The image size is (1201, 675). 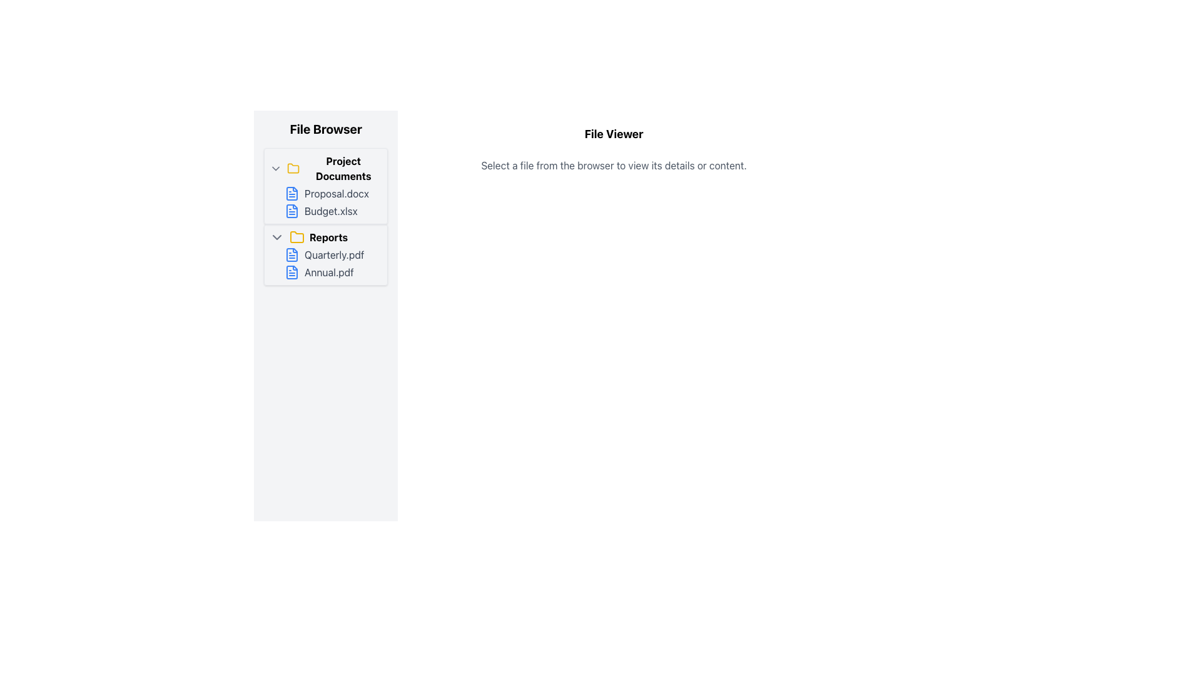 I want to click on the 'Reports' folder entry, which is visually distinct with a yellow folder icon and bold black text, so click(x=326, y=237).